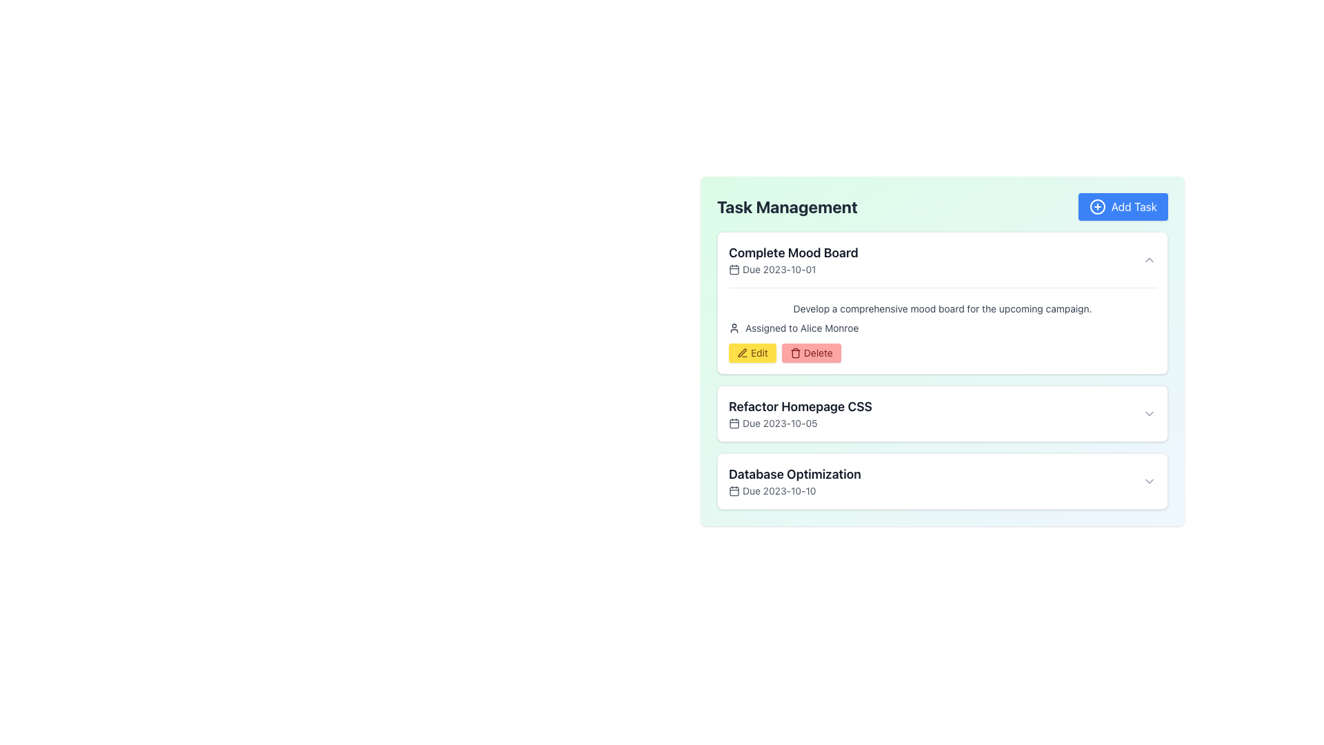 The image size is (1324, 745). I want to click on the small circular icon with a plus sign, which is part of the 'Add Task' button and located to the left of the 'Add Task' text, so click(1096, 207).